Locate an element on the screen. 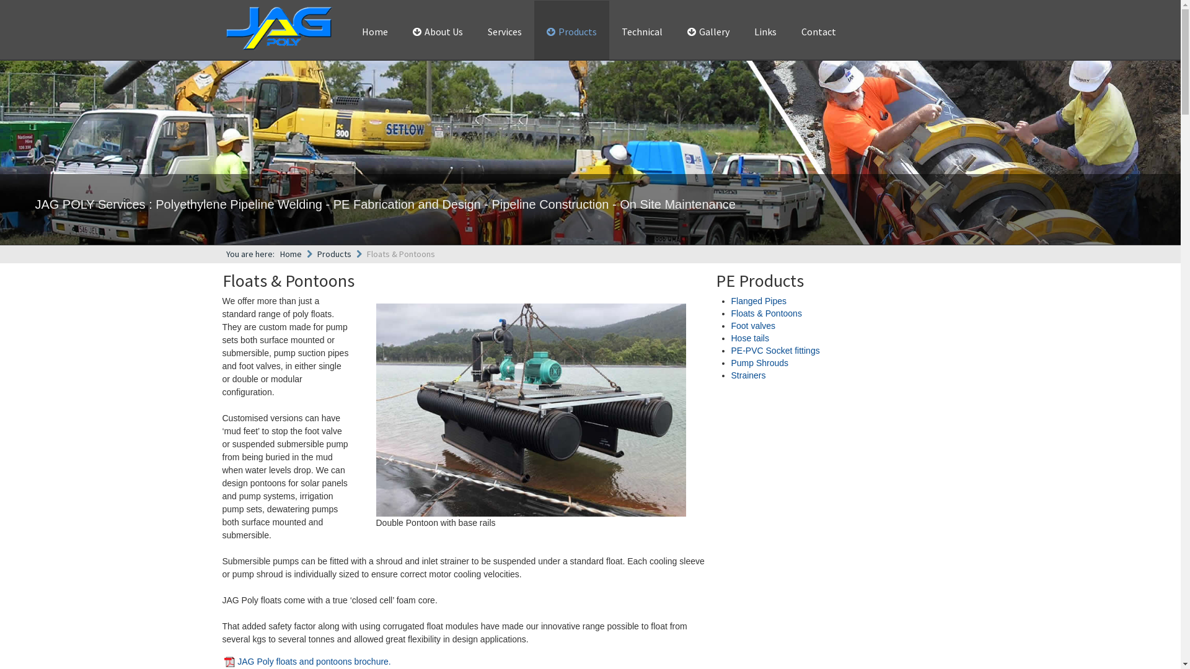  'Double Pontoon with base rails' is located at coordinates (530, 410).